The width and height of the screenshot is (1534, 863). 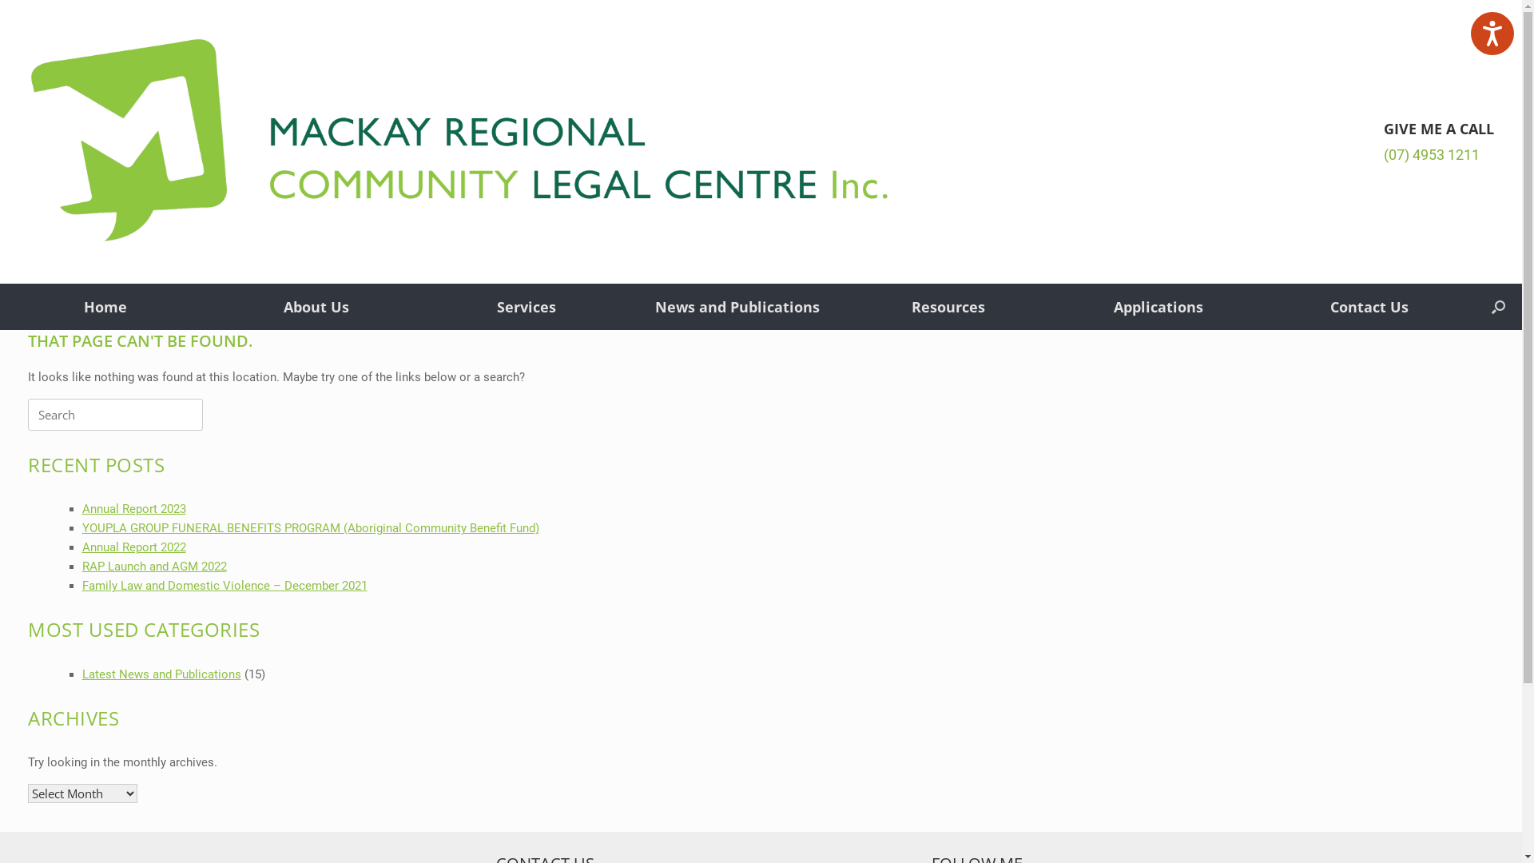 What do you see at coordinates (948, 307) in the screenshot?
I see `'Resources'` at bounding box center [948, 307].